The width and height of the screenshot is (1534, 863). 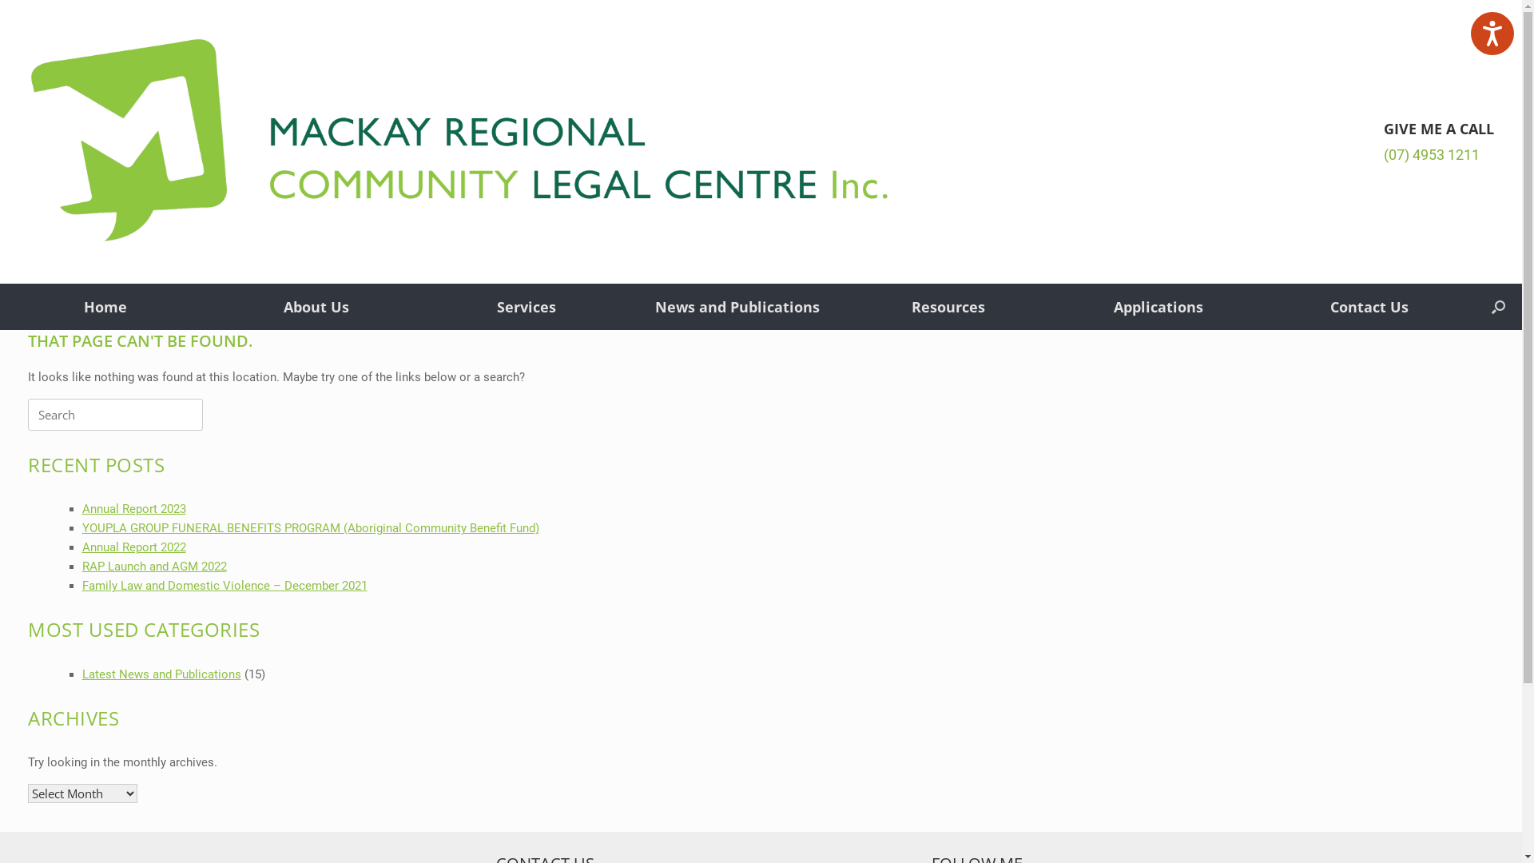 What do you see at coordinates (948, 307) in the screenshot?
I see `'Resources'` at bounding box center [948, 307].